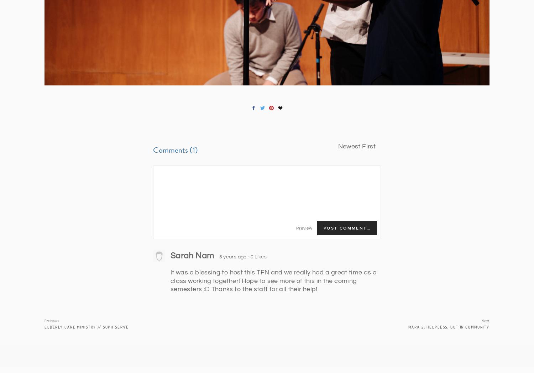  What do you see at coordinates (346, 227) in the screenshot?
I see `'Post Comment…'` at bounding box center [346, 227].